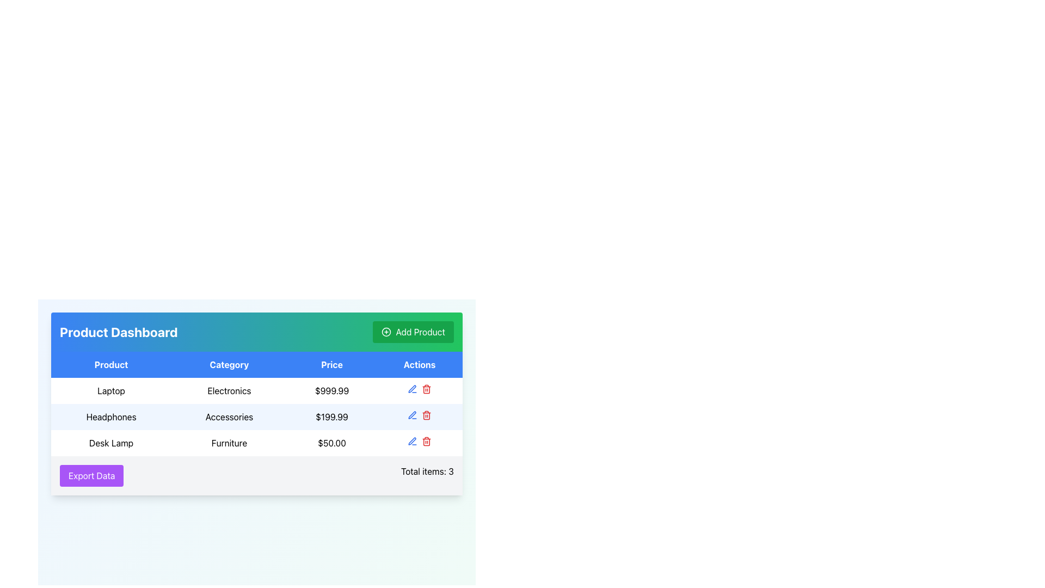 The height and width of the screenshot is (588, 1045). Describe the element at coordinates (229, 390) in the screenshot. I see `the 'Electronics' text element in the 'Category' column of the data table, which is horizontally aligned with the 'Laptop' entry` at that location.